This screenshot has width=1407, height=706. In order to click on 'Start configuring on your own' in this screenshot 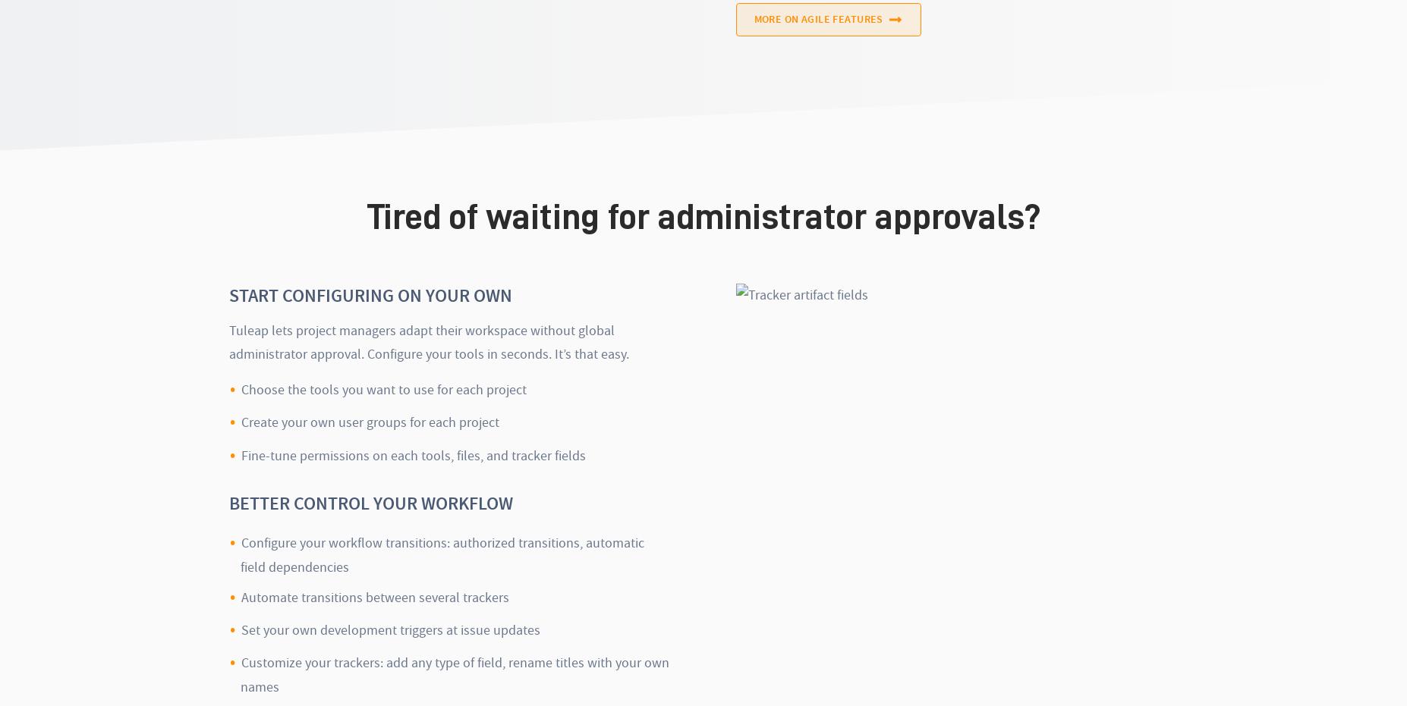, I will do `click(370, 295)`.